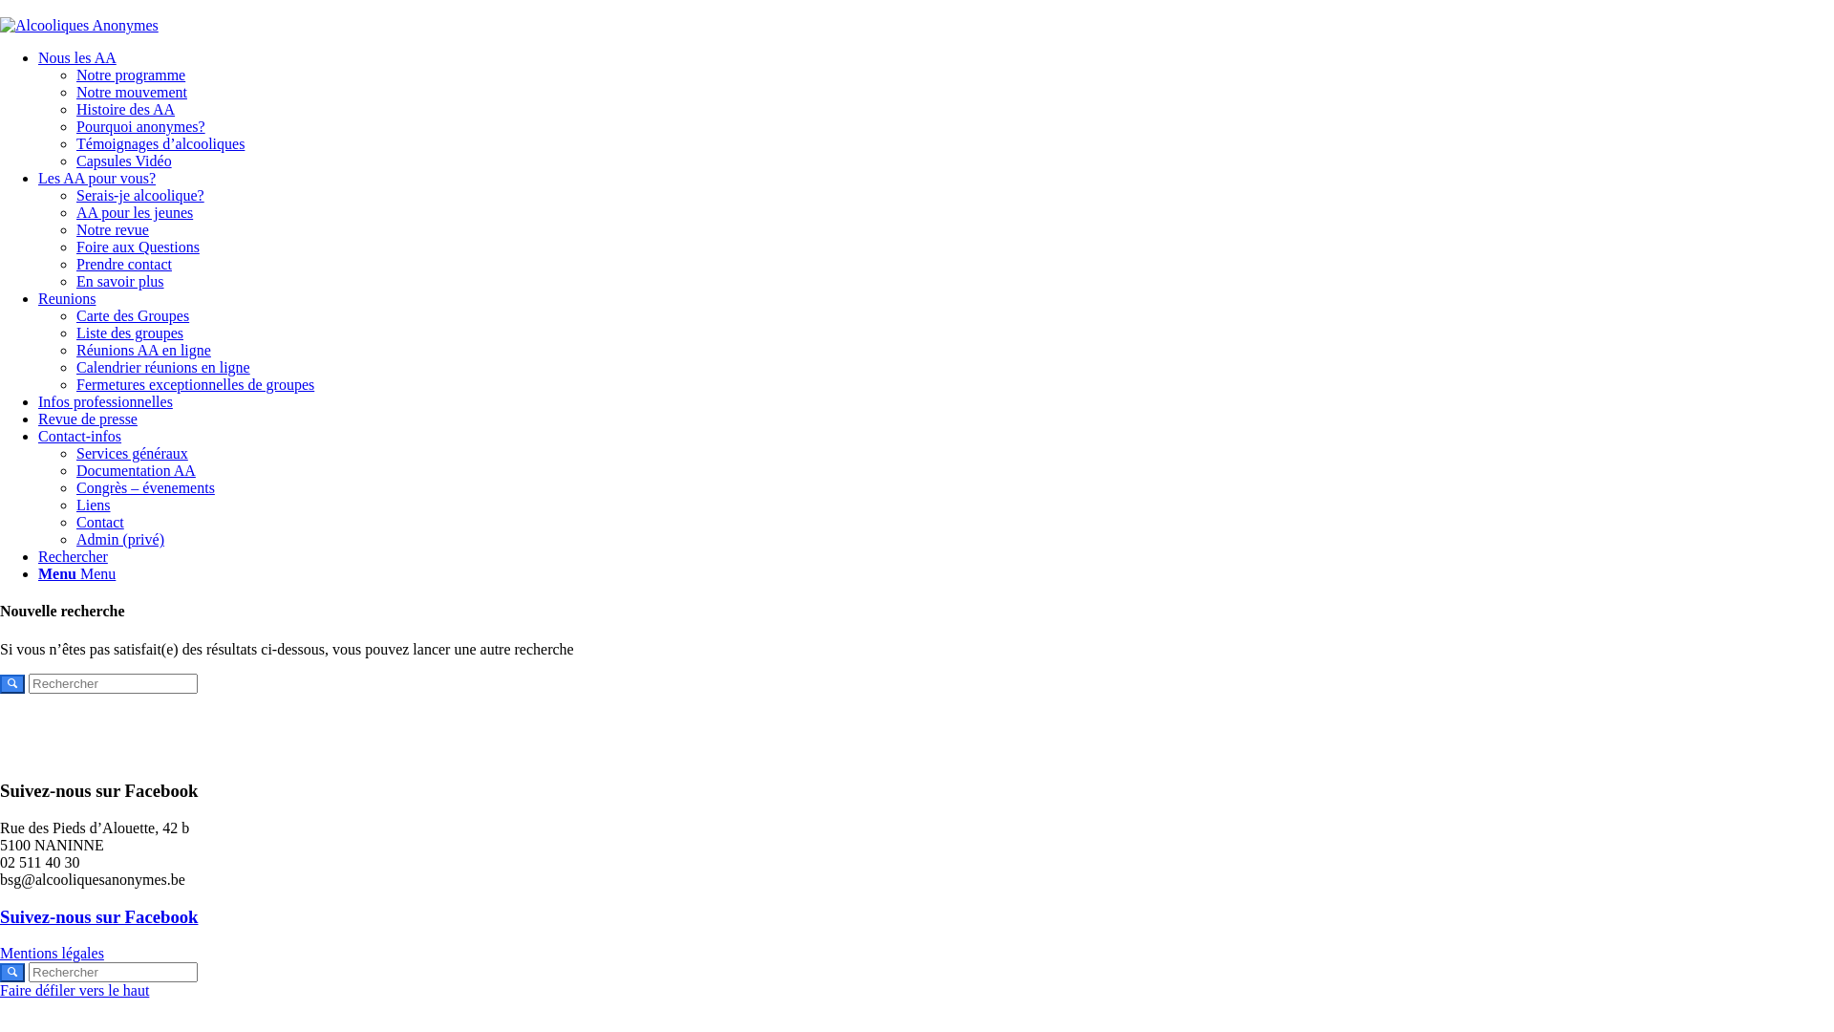 This screenshot has width=1834, height=1032. Describe the element at coordinates (98, 915) in the screenshot. I see `'Suivez-nous sur Facebook'` at that location.